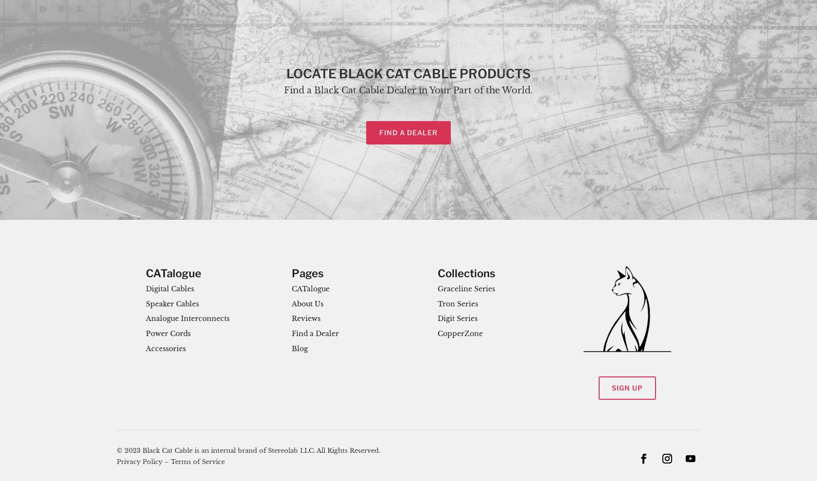  What do you see at coordinates (166, 349) in the screenshot?
I see `'Accessories'` at bounding box center [166, 349].